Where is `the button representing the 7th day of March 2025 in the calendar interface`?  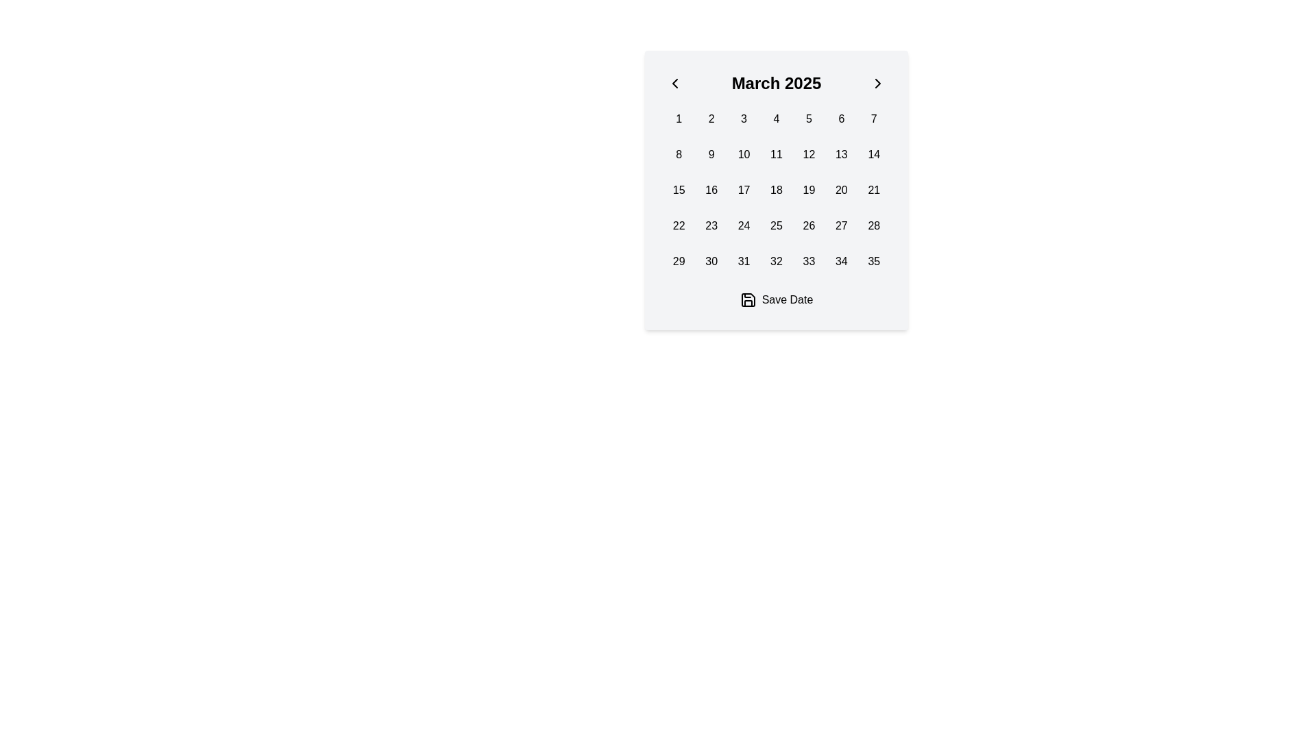 the button representing the 7th day of March 2025 in the calendar interface is located at coordinates (873, 118).